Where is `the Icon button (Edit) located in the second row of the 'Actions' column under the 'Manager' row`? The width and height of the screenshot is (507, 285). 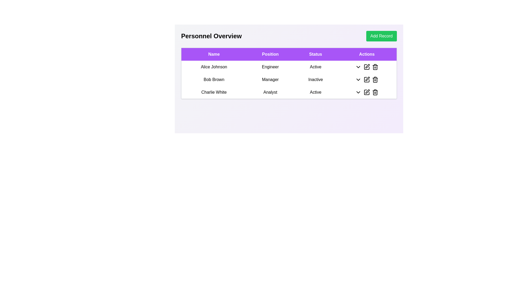
the Icon button (Edit) located in the second row of the 'Actions' column under the 'Manager' row is located at coordinates (367, 79).